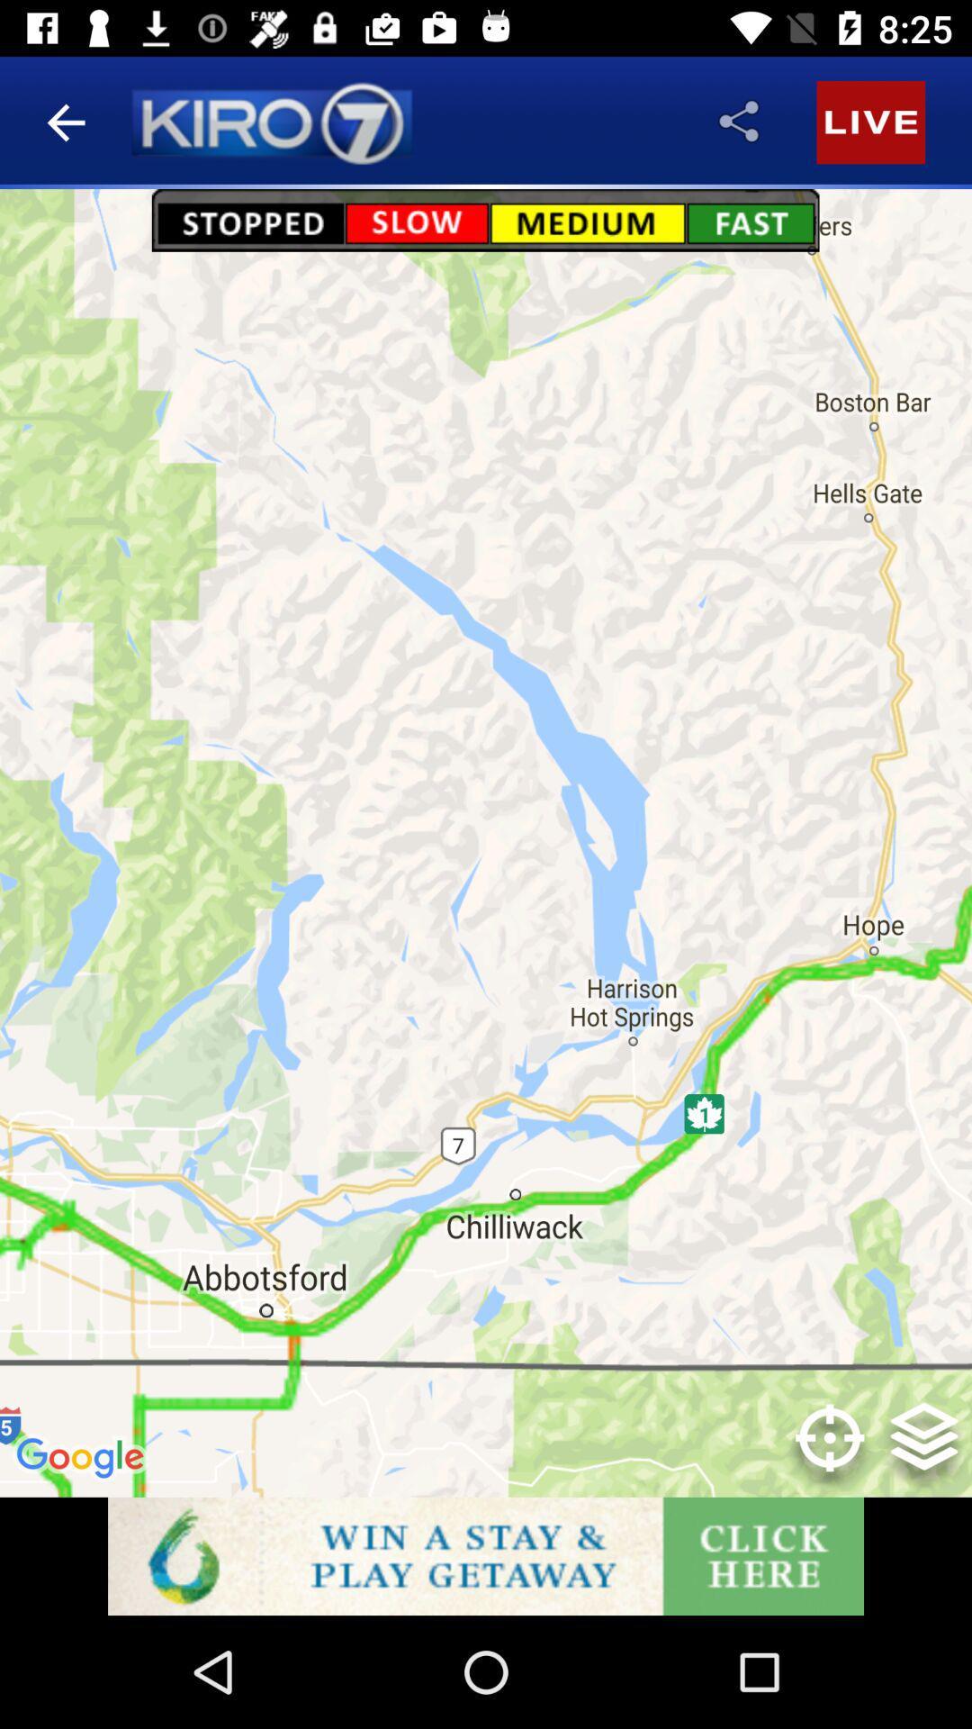 The width and height of the screenshot is (972, 1729). What do you see at coordinates (924, 1450) in the screenshot?
I see `the layers icon` at bounding box center [924, 1450].